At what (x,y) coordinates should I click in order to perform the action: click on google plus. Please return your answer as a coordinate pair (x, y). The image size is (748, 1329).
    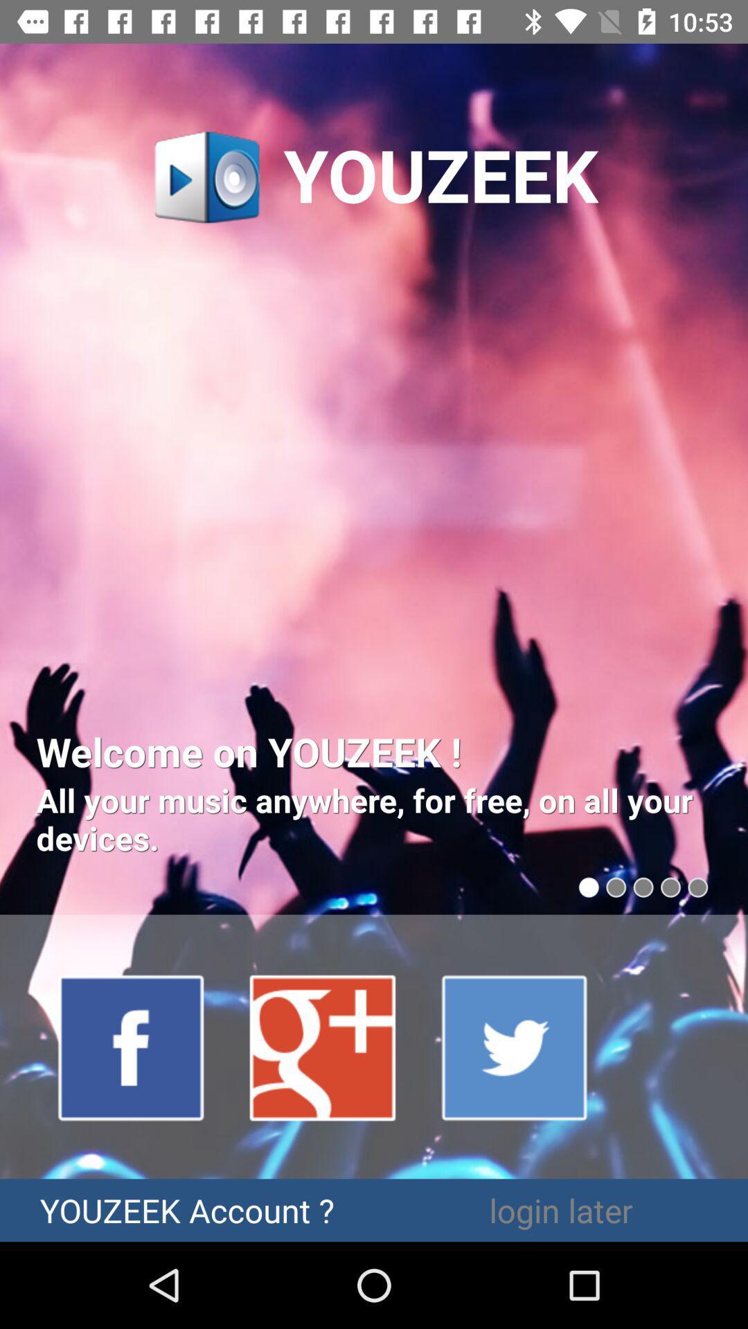
    Looking at the image, I should click on (323, 1047).